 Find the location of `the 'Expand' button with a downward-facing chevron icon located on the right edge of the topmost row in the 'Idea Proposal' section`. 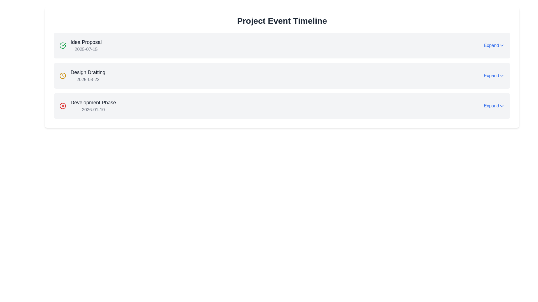

the 'Expand' button with a downward-facing chevron icon located on the right edge of the topmost row in the 'Idea Proposal' section is located at coordinates (494, 45).